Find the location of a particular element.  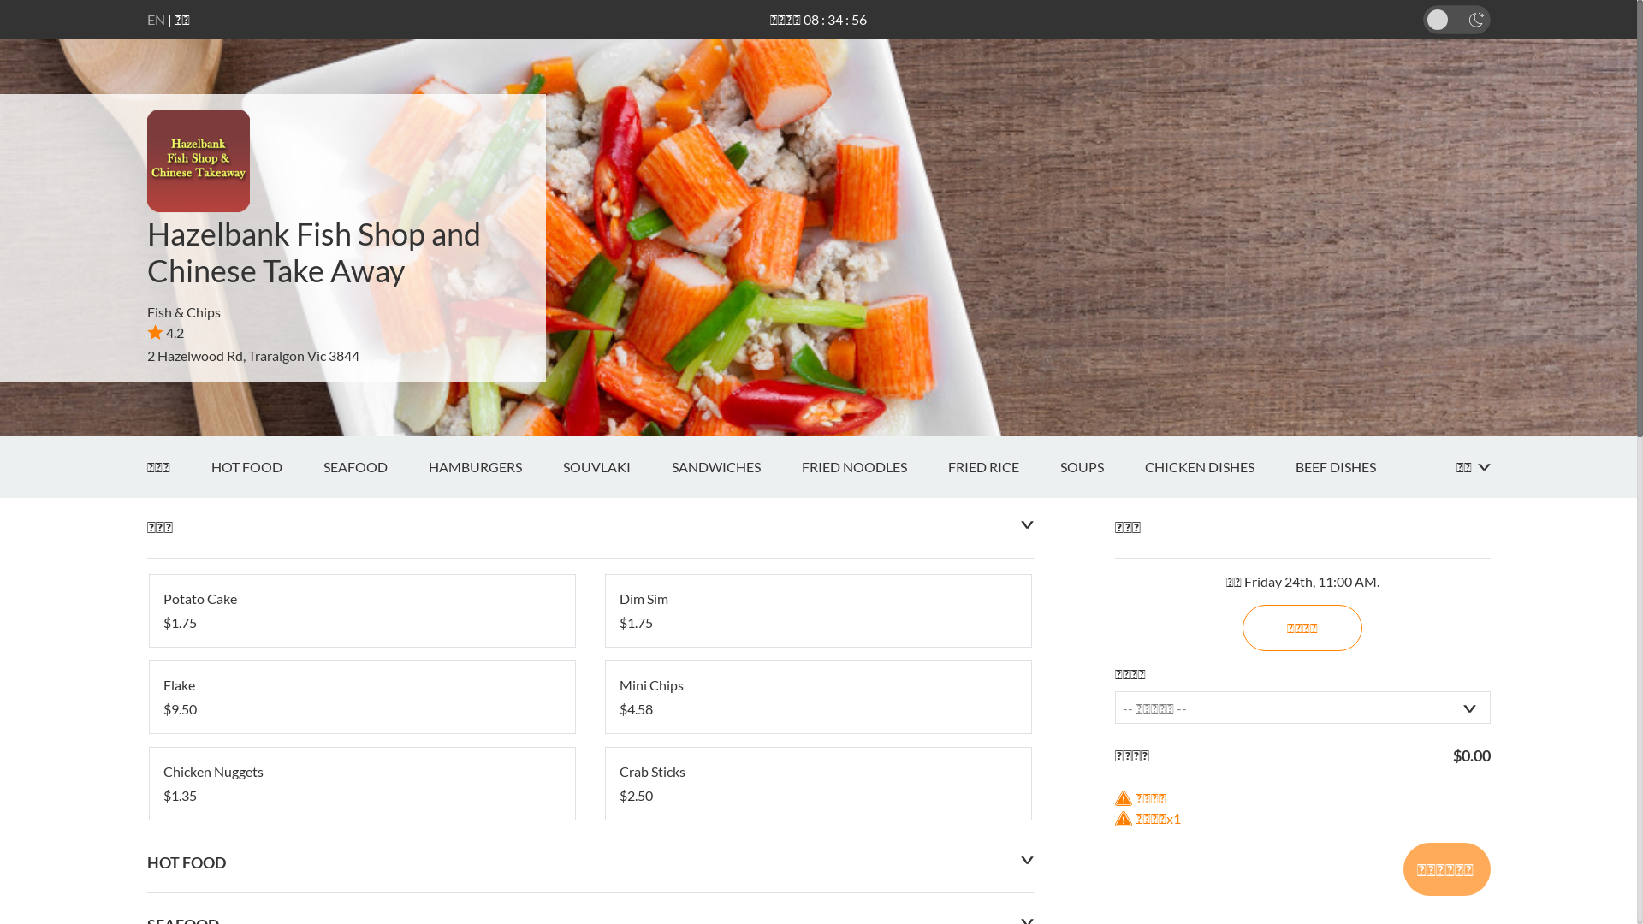

'Hazelbank Fish Shop and Chinese Take Away' is located at coordinates (313, 252).